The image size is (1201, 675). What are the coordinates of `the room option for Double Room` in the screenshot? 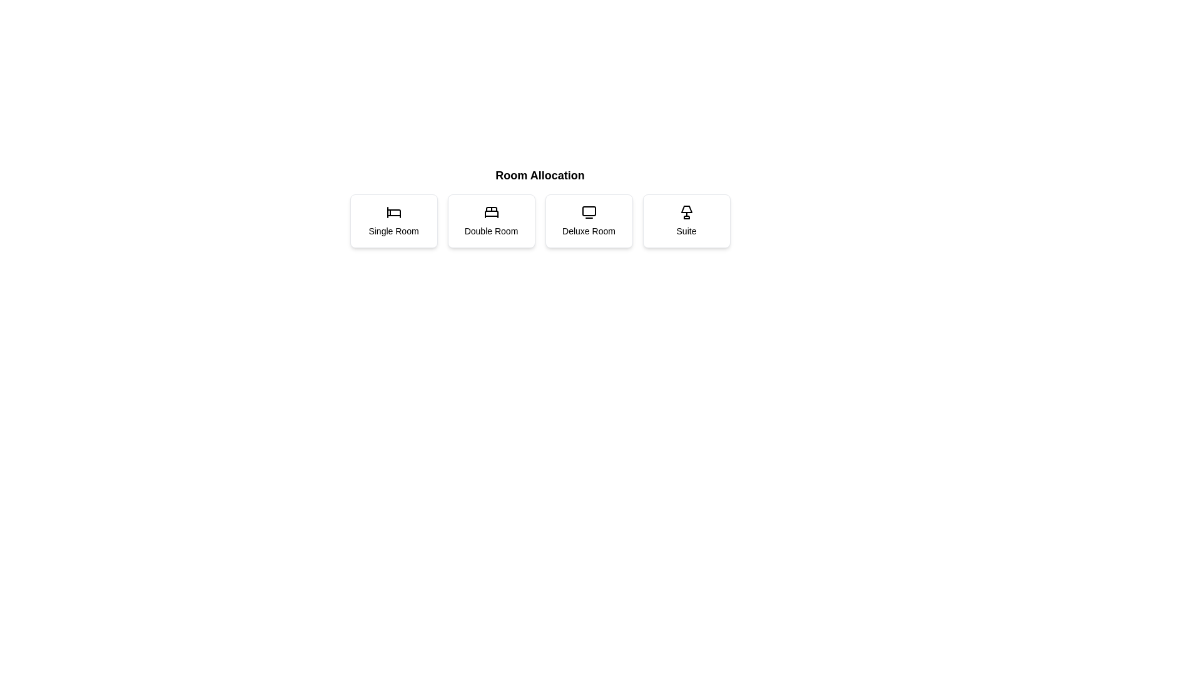 It's located at (490, 221).